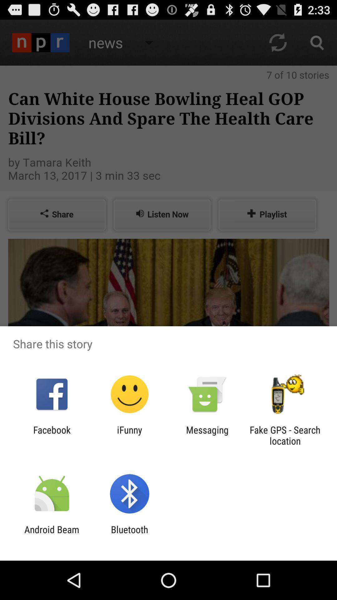 The height and width of the screenshot is (600, 337). Describe the element at coordinates (207, 435) in the screenshot. I see `the app to the left of fake gps search` at that location.